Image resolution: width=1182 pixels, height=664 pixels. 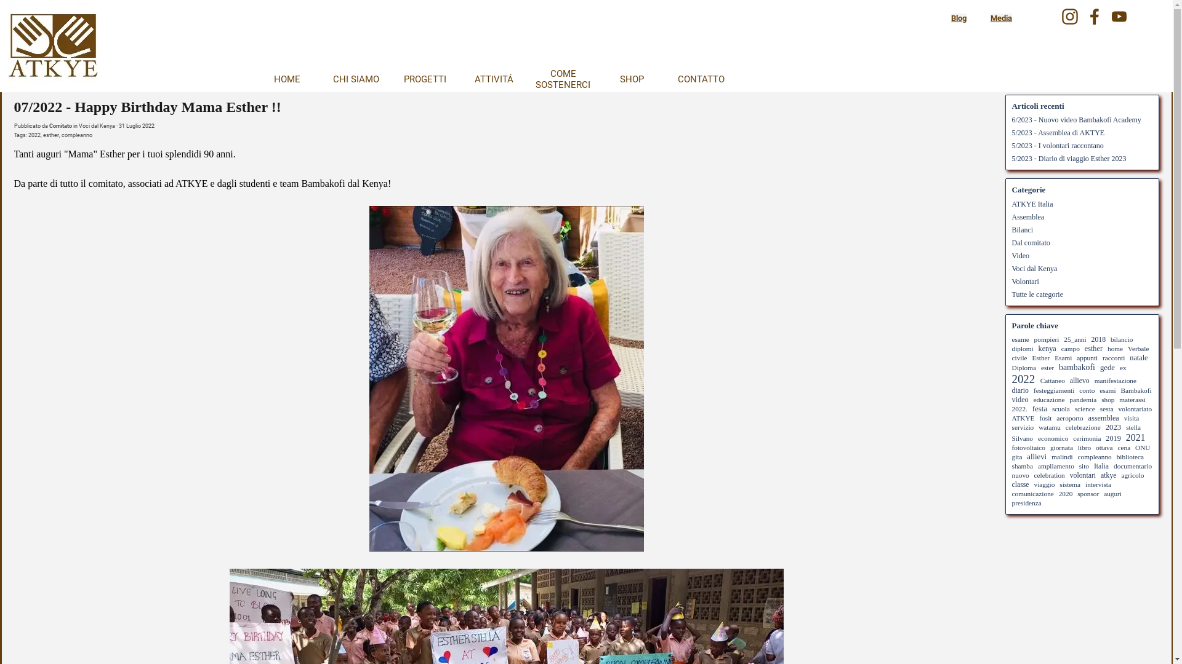 I want to click on 'ATKYE Italia', so click(x=1011, y=203).